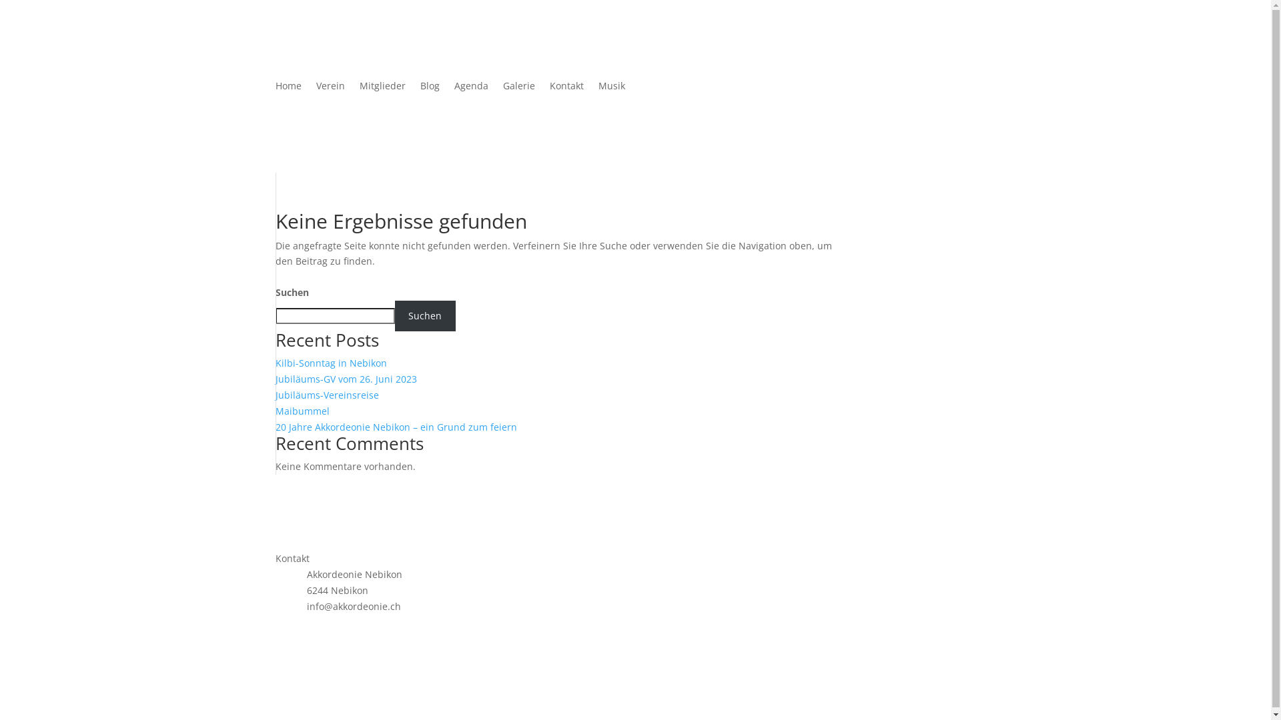  I want to click on 'Kontakt', so click(550, 88).